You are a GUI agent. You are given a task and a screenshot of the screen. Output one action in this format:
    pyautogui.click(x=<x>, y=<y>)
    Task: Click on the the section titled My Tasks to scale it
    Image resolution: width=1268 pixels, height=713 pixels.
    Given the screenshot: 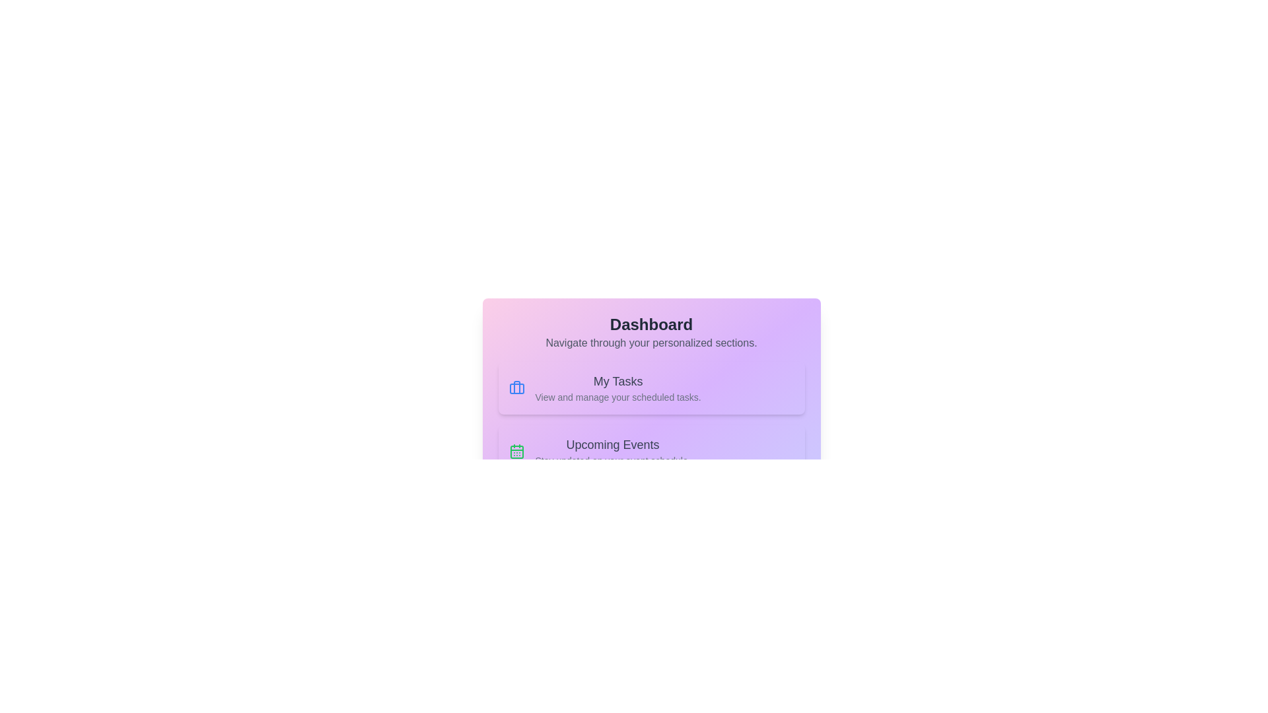 What is the action you would take?
    pyautogui.click(x=651, y=387)
    